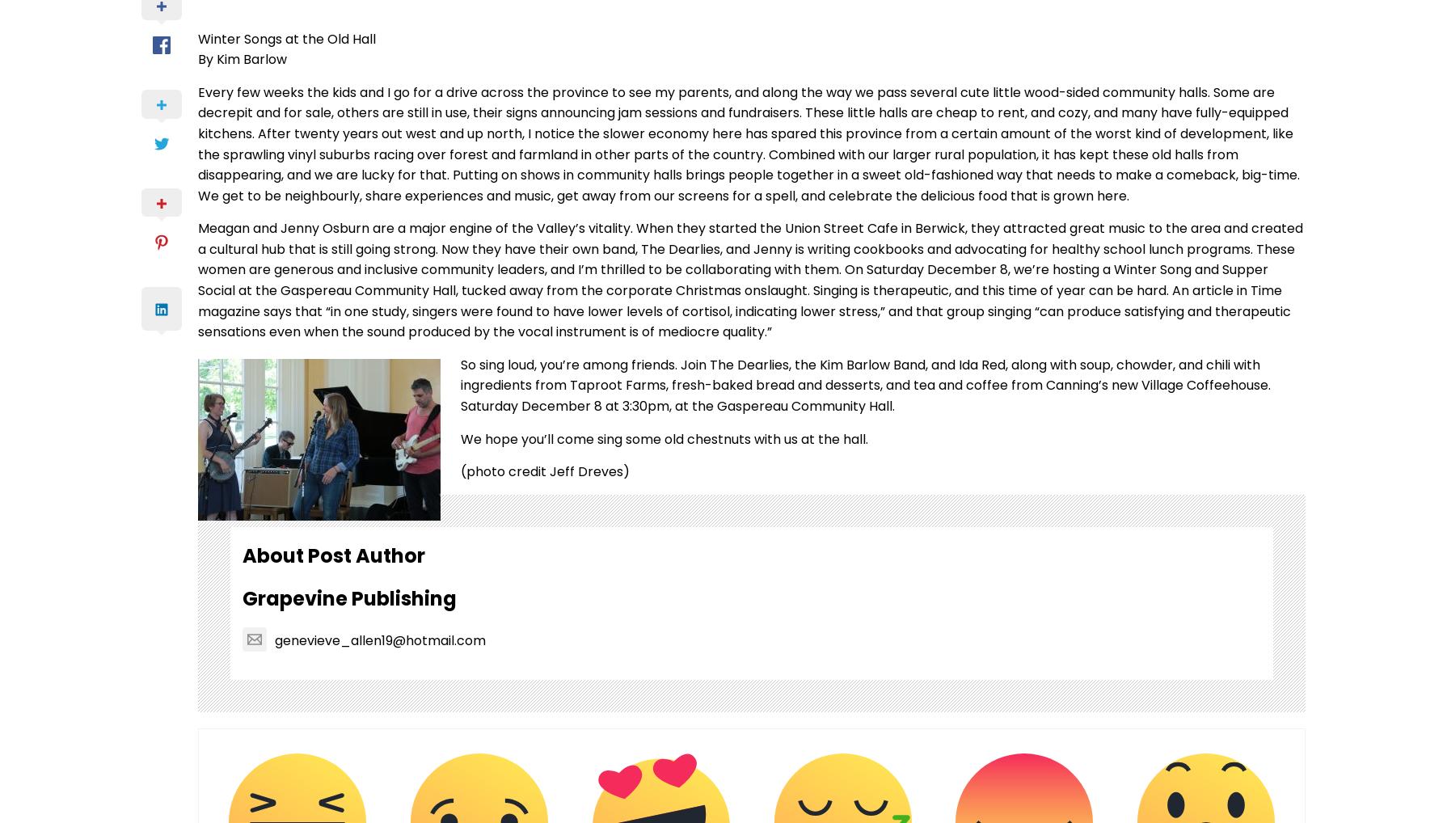 The width and height of the screenshot is (1447, 823). What do you see at coordinates (286, 37) in the screenshot?
I see `'Winter Songs at the Old Hall'` at bounding box center [286, 37].